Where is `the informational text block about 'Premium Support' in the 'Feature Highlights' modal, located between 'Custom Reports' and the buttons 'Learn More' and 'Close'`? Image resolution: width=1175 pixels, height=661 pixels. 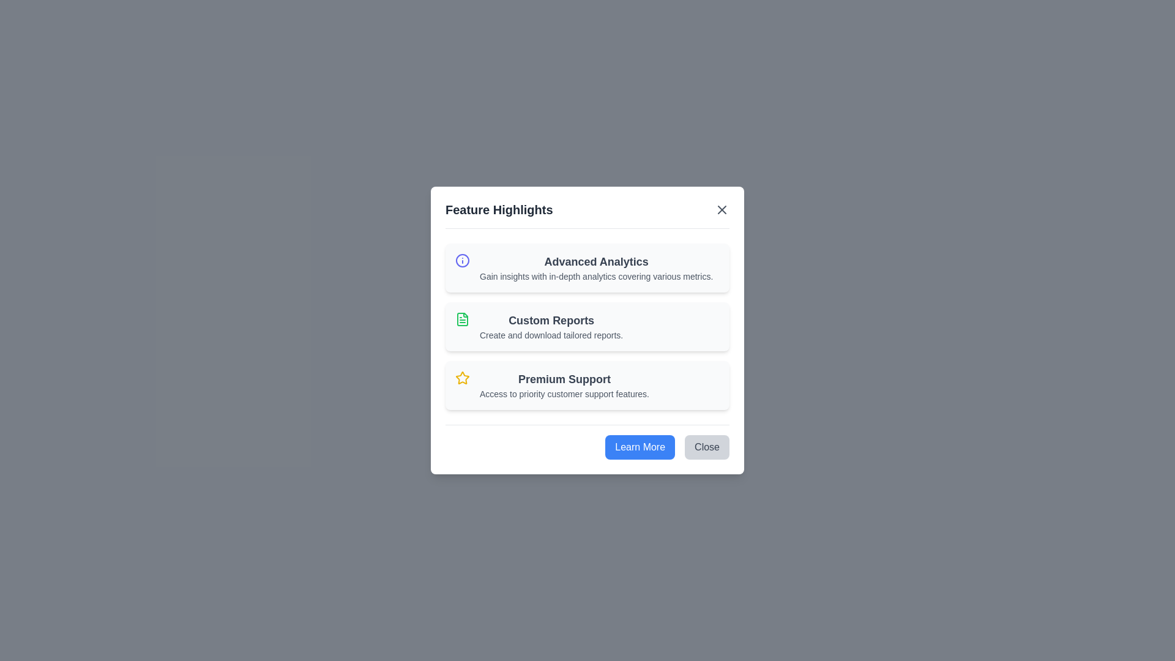 the informational text block about 'Premium Support' in the 'Feature Highlights' modal, located between 'Custom Reports' and the buttons 'Learn More' and 'Close' is located at coordinates (564, 384).